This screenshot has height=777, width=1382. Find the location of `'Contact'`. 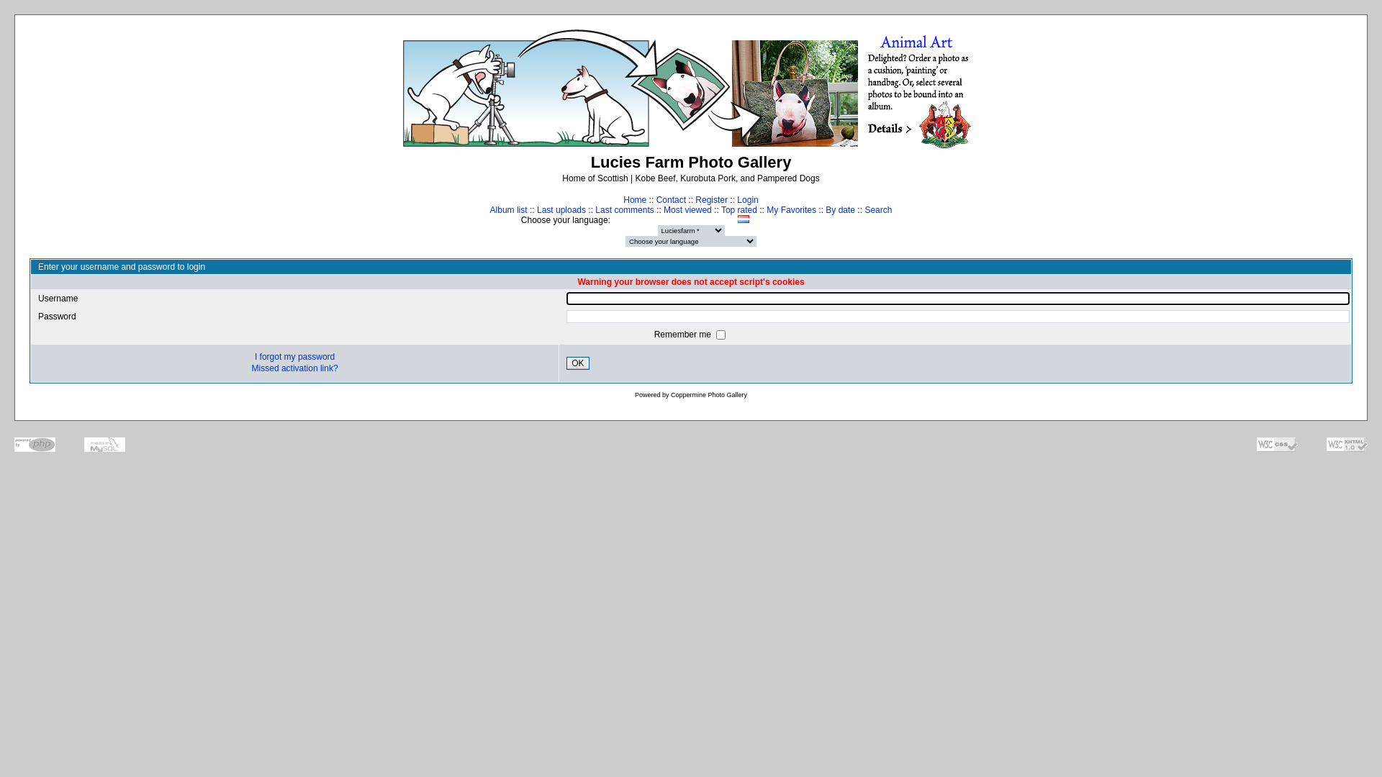

'Contact' is located at coordinates (670, 199).